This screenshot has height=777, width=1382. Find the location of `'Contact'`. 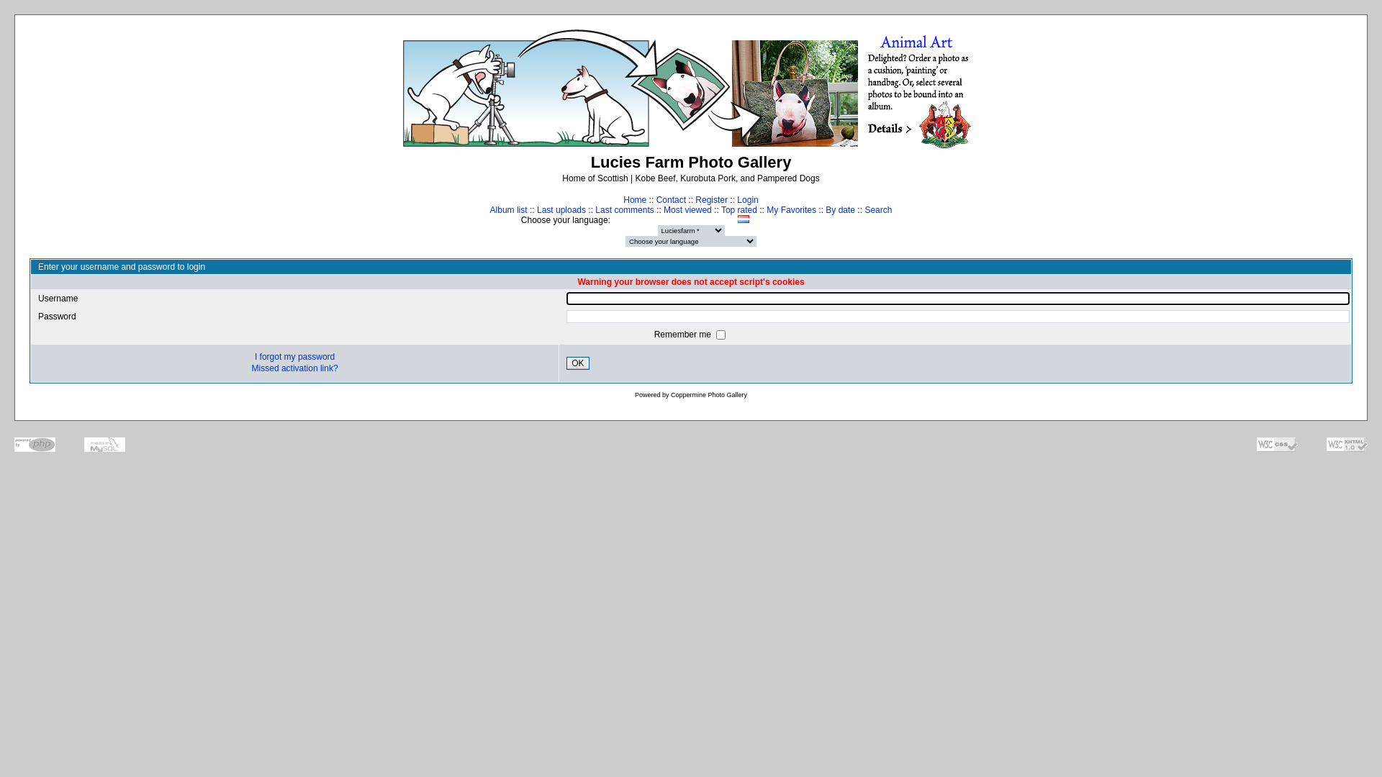

'Contact' is located at coordinates (670, 199).